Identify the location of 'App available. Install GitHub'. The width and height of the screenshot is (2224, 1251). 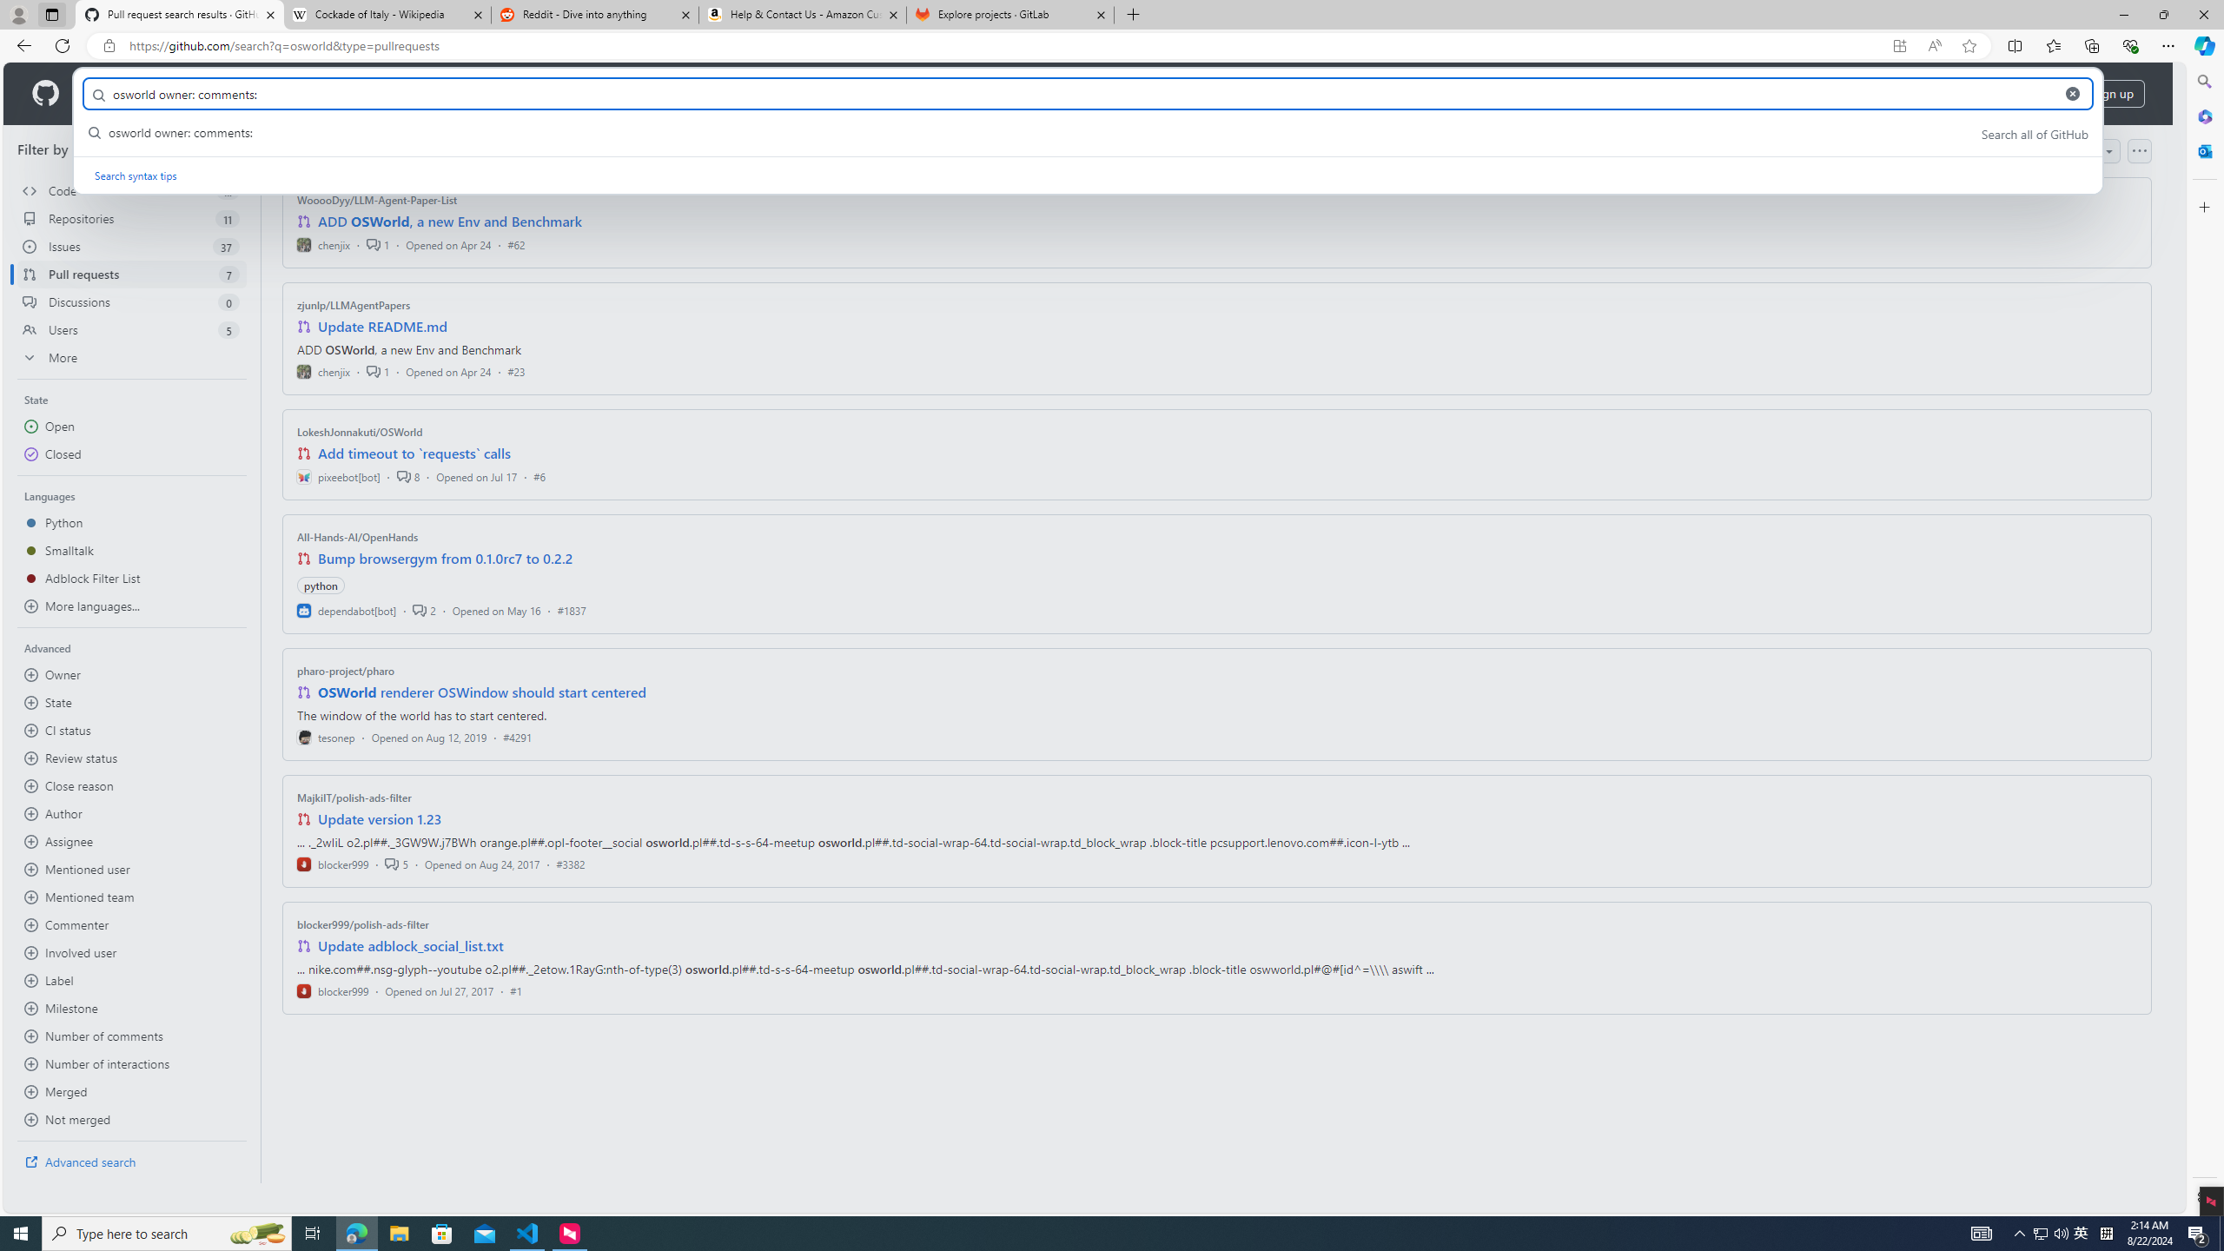
(1898, 46).